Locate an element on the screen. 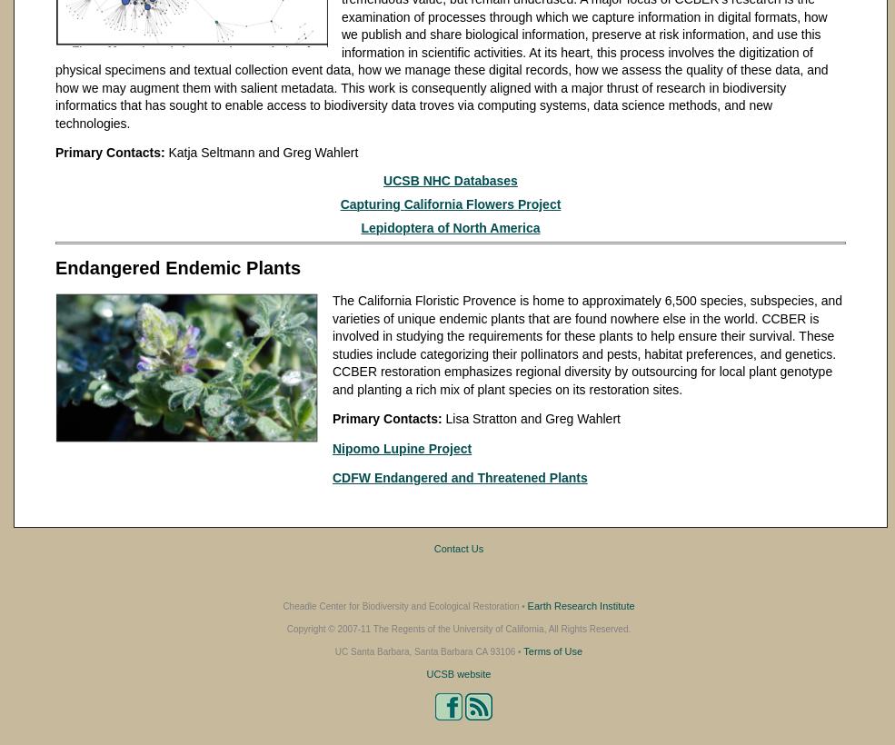  'Copyright © 2007-11 The Regents of the University of California, All Rights Reserved.' is located at coordinates (286, 628).